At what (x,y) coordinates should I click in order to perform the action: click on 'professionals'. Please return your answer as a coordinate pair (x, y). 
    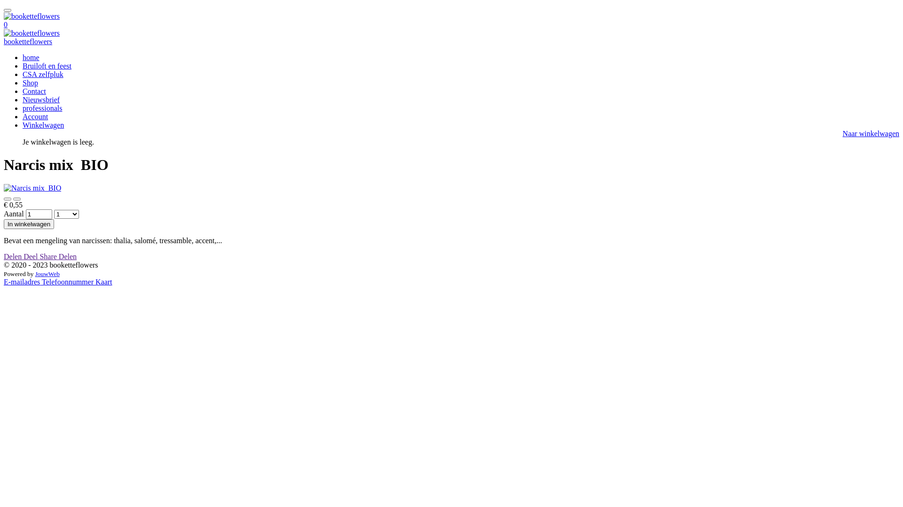
    Looking at the image, I should click on (42, 108).